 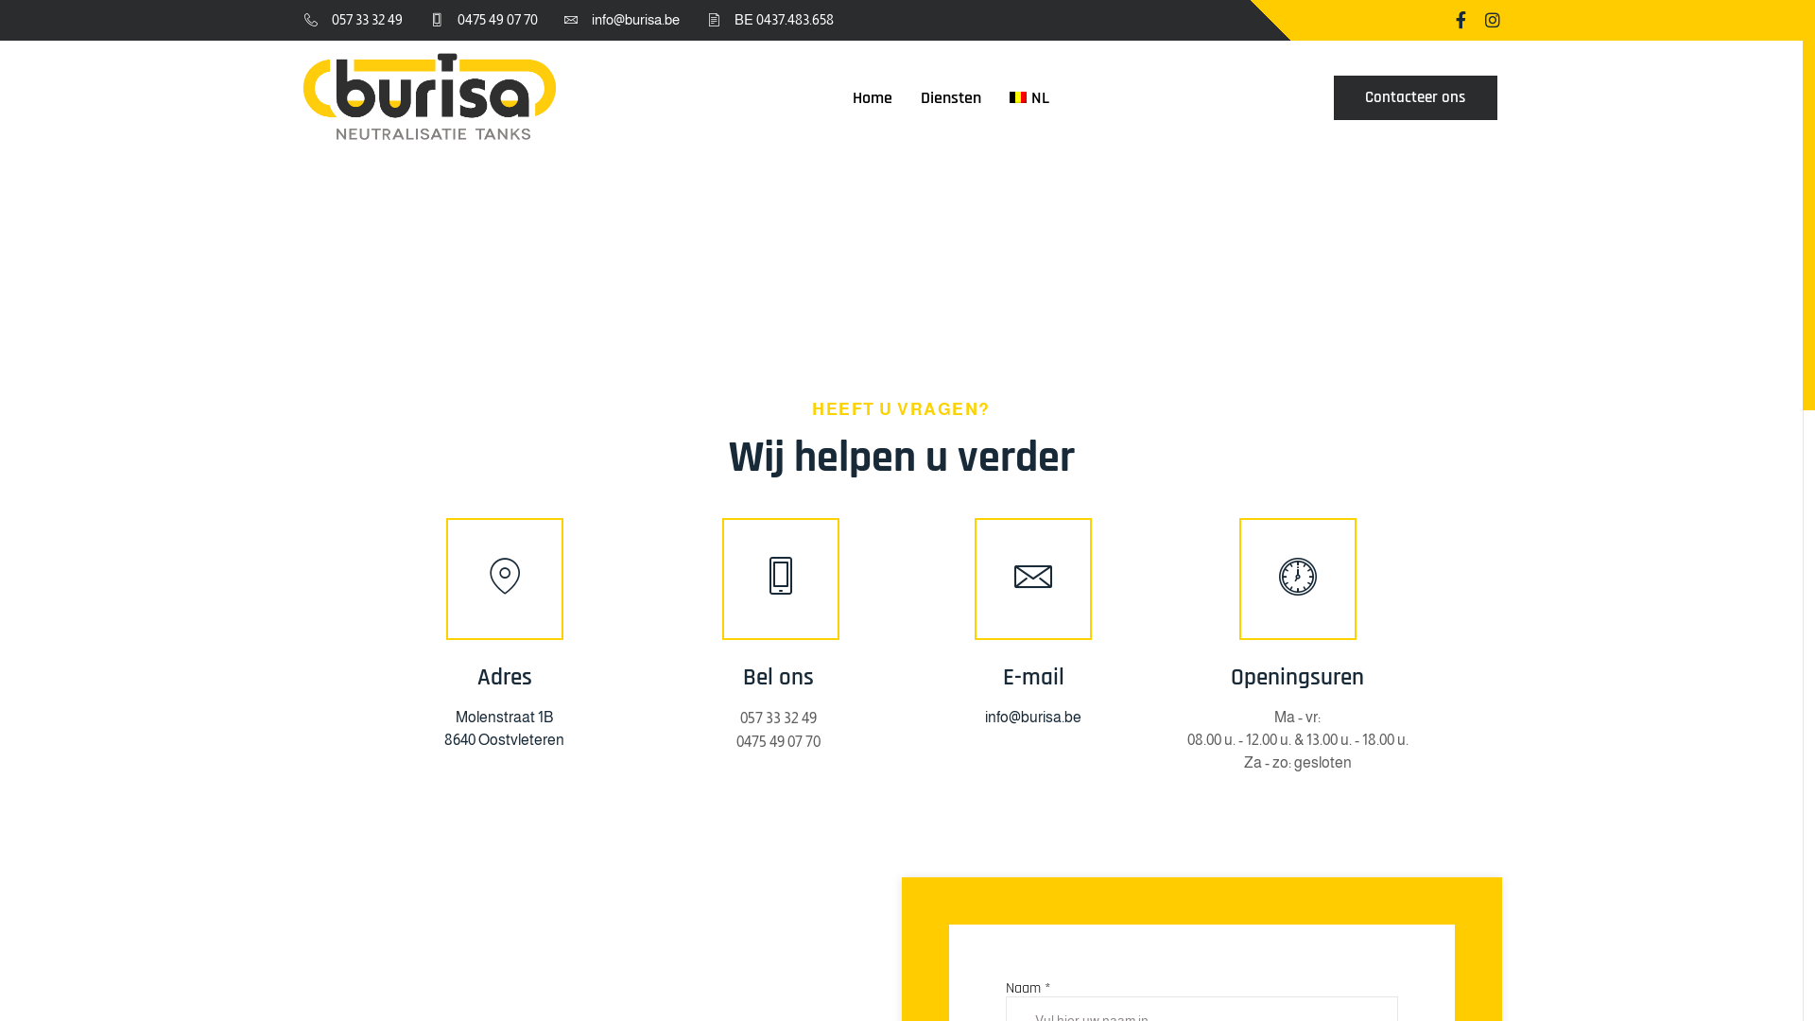 What do you see at coordinates (504, 677) in the screenshot?
I see `'Adres'` at bounding box center [504, 677].